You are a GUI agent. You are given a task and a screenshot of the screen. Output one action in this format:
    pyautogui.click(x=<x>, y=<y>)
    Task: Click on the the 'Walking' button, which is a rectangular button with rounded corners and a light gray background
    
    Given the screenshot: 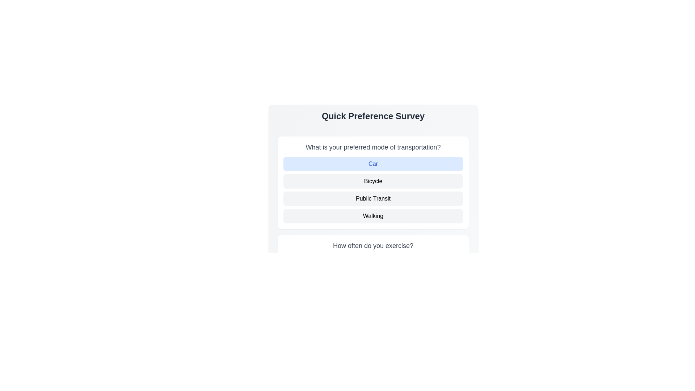 What is the action you would take?
    pyautogui.click(x=373, y=216)
    